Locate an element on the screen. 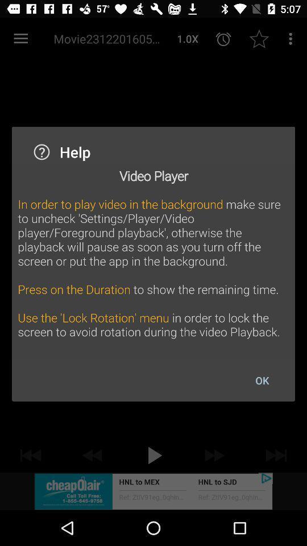 The width and height of the screenshot is (307, 546). the play icon is located at coordinates (153, 456).